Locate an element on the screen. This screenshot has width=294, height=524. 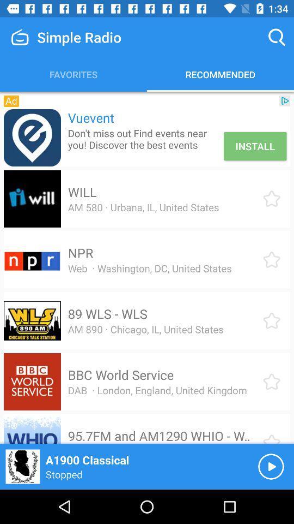
the item below npr icon is located at coordinates (149, 267).